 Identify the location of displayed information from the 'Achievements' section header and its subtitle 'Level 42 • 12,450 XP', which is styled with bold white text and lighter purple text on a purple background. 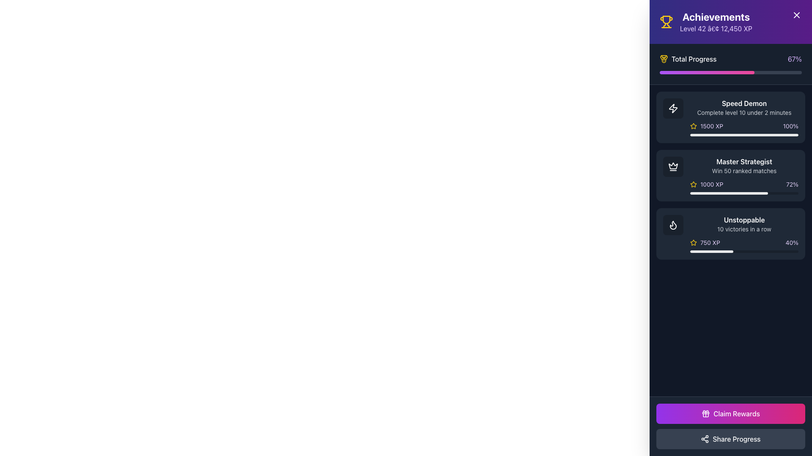
(716, 21).